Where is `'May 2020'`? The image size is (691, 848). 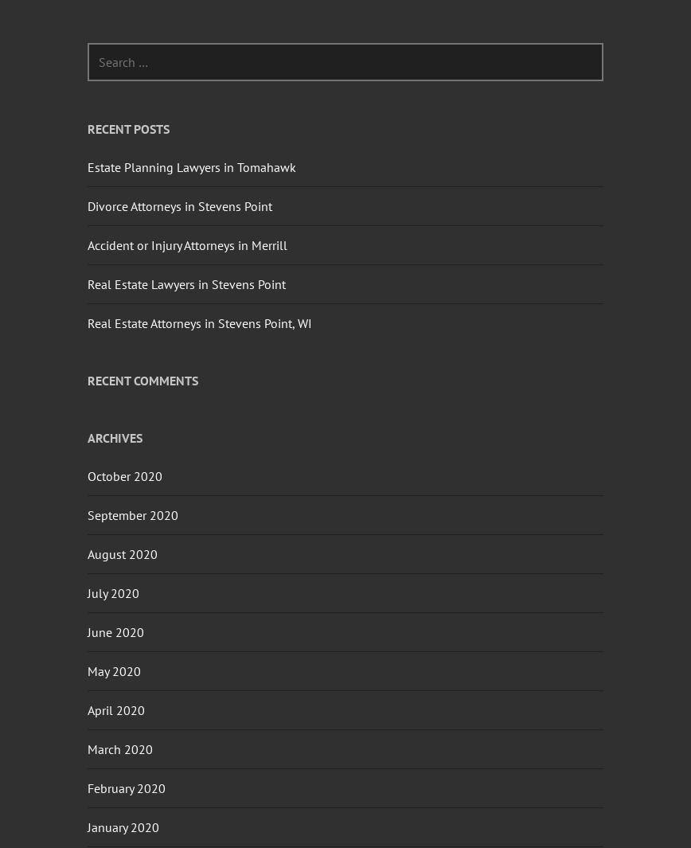
'May 2020' is located at coordinates (114, 670).